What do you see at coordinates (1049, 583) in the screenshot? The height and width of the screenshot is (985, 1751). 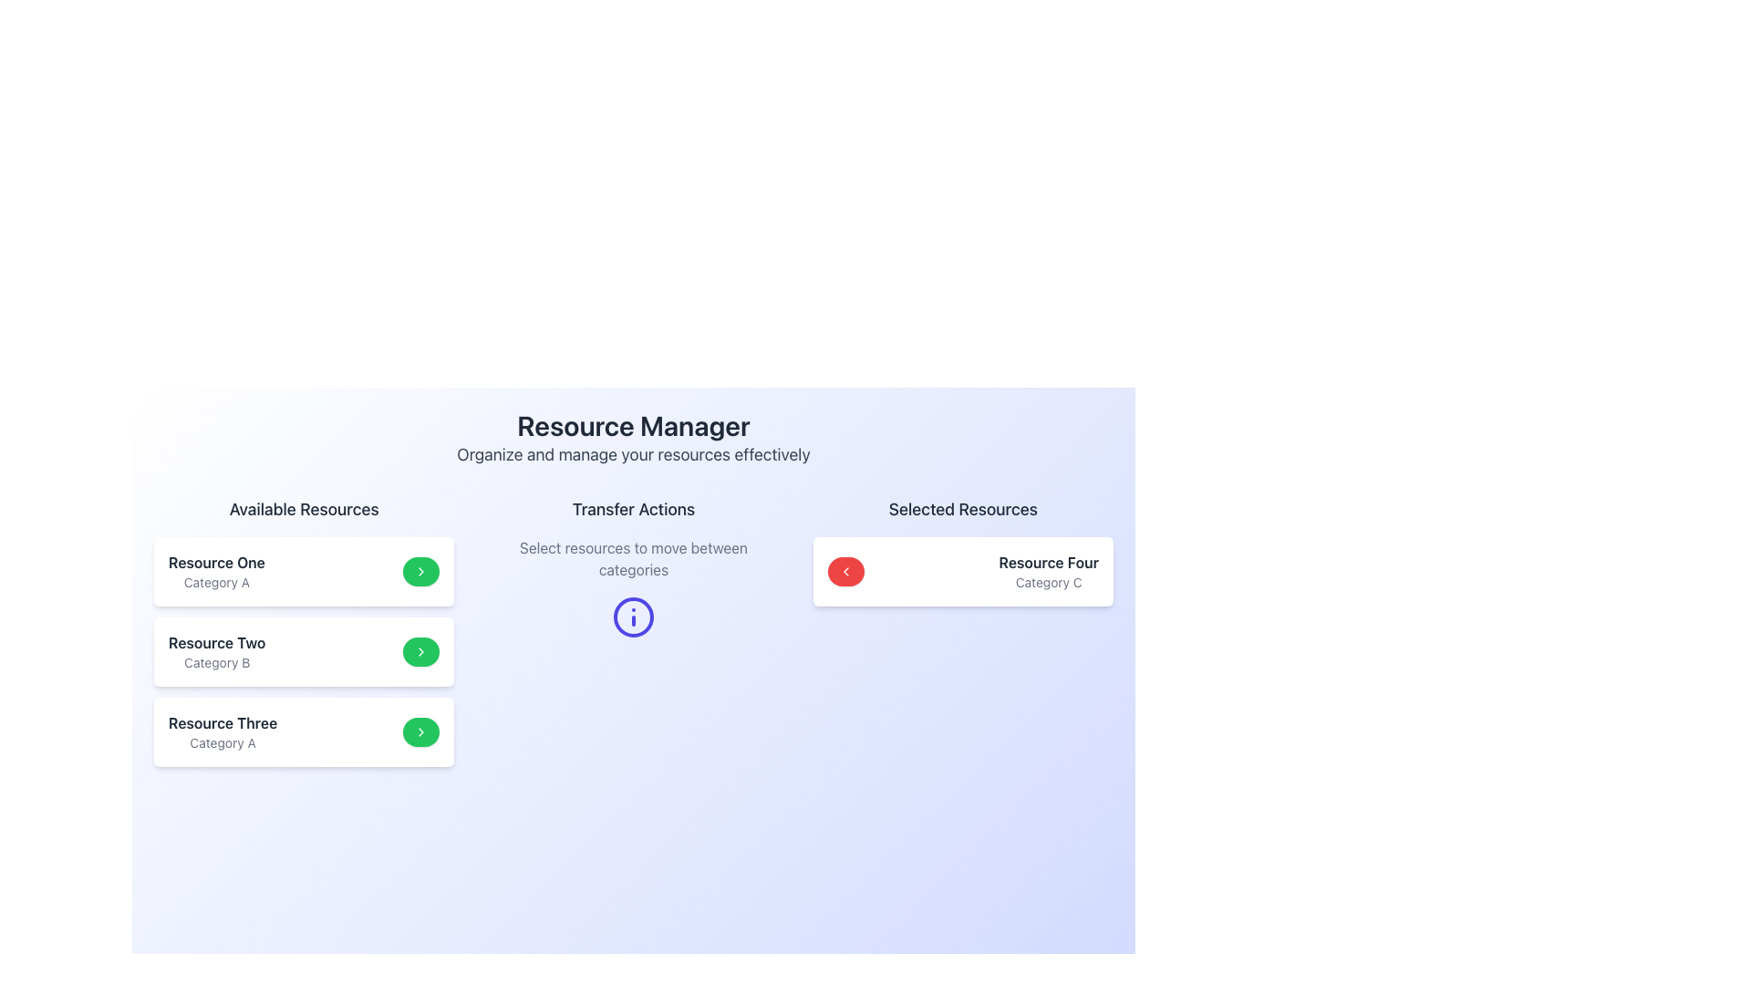 I see `the non-interactive text label indicating the category of 'Resource Four' located in the rightmost section labeled 'Selected Resources' to associate the category with the resource above` at bounding box center [1049, 583].